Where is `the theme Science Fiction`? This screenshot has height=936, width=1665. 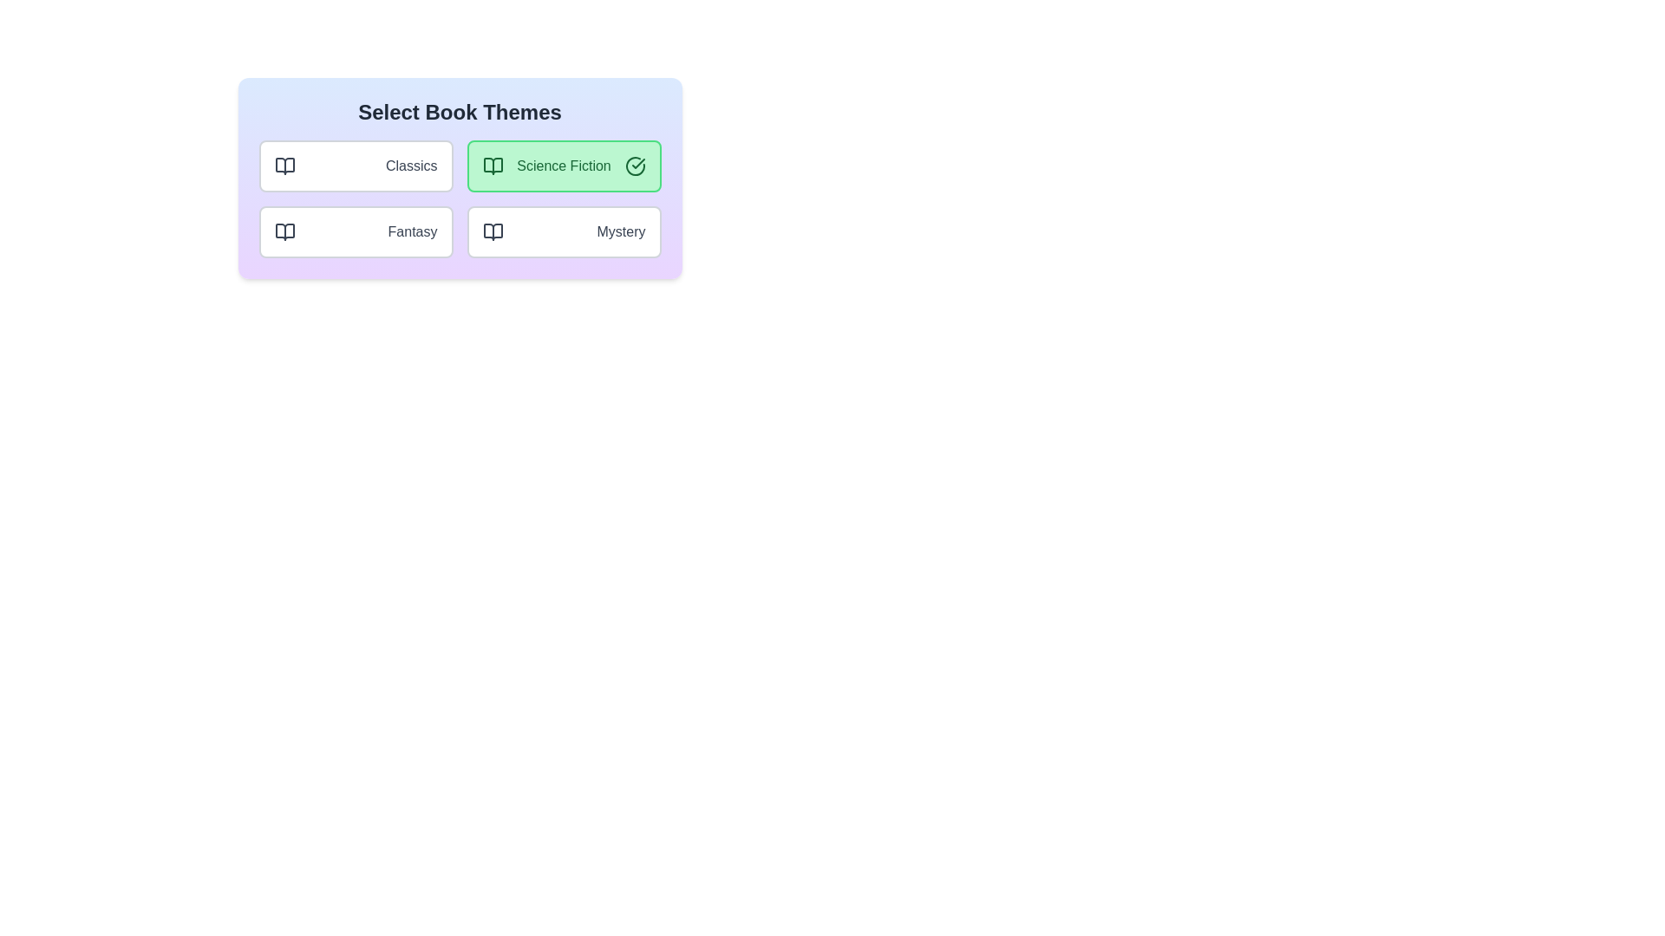
the theme Science Fiction is located at coordinates (564, 166).